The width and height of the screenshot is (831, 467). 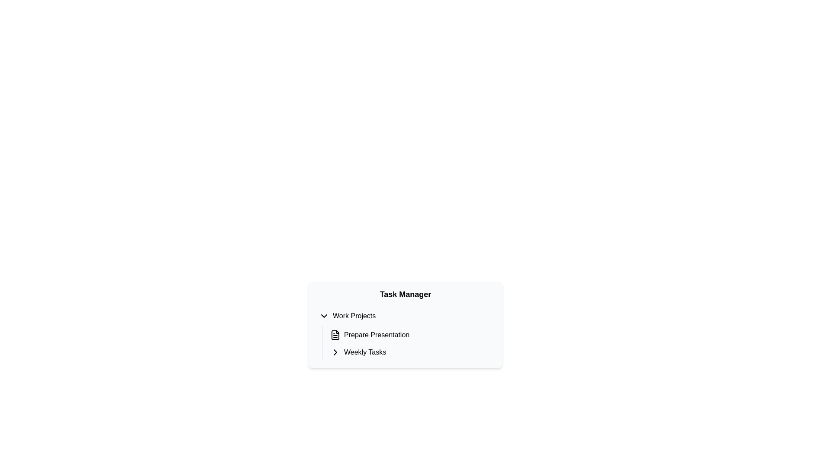 I want to click on the task item labeled 'Prepare Presentation' from the 'Work Projects' section of the Task Manager interface, so click(x=411, y=335).